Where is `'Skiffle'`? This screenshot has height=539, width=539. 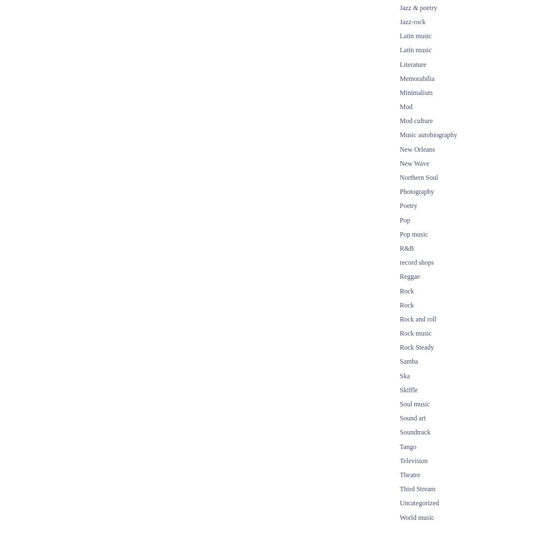 'Skiffle' is located at coordinates (408, 388).